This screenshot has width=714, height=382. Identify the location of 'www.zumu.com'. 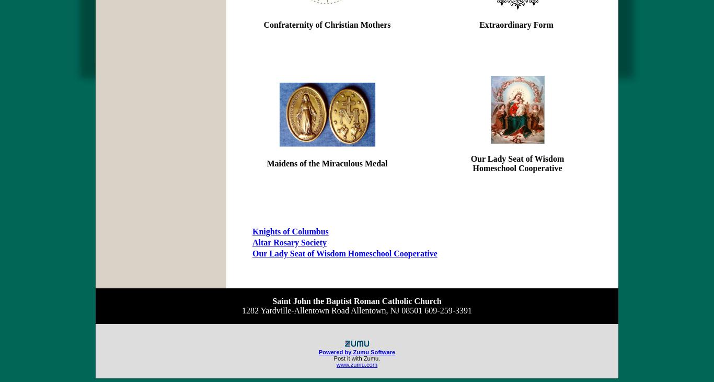
(356, 365).